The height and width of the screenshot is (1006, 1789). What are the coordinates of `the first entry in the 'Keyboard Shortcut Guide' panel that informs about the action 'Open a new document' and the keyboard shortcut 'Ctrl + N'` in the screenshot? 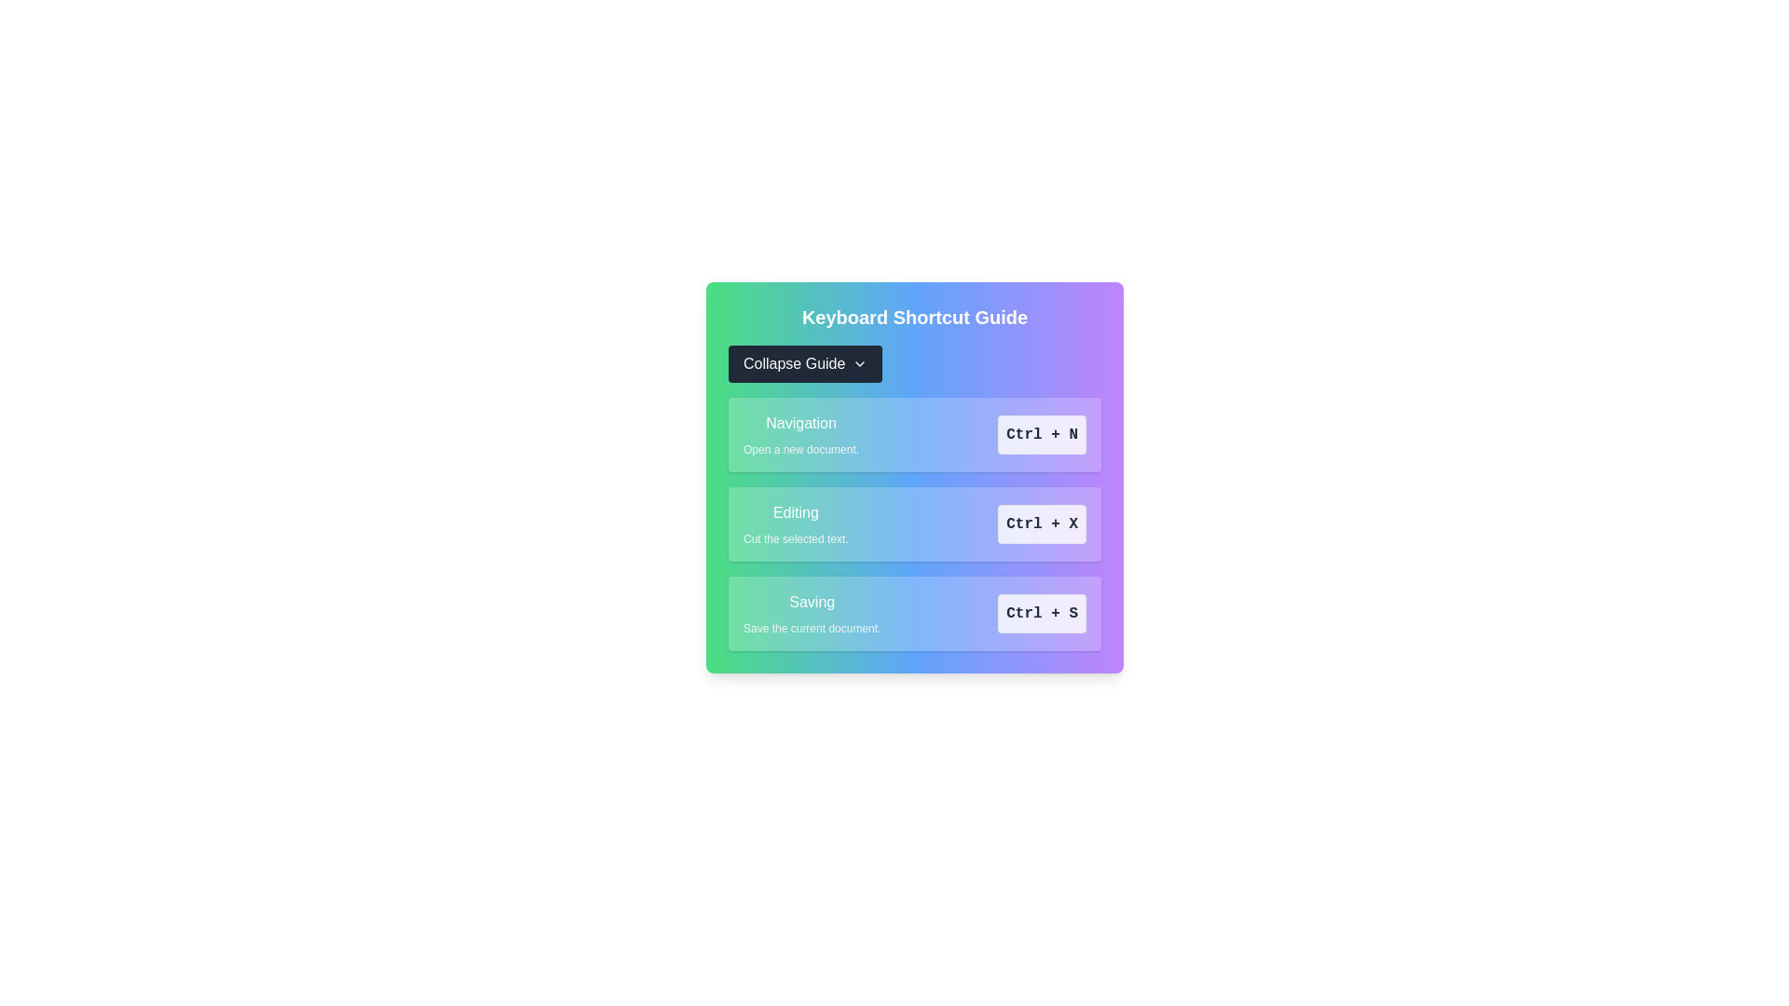 It's located at (915, 434).